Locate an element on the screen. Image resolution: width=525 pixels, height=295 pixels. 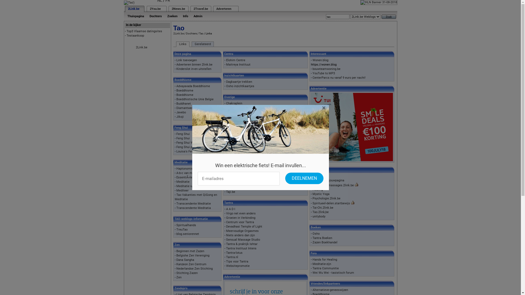
'Adverteren' is located at coordinates (223, 9).